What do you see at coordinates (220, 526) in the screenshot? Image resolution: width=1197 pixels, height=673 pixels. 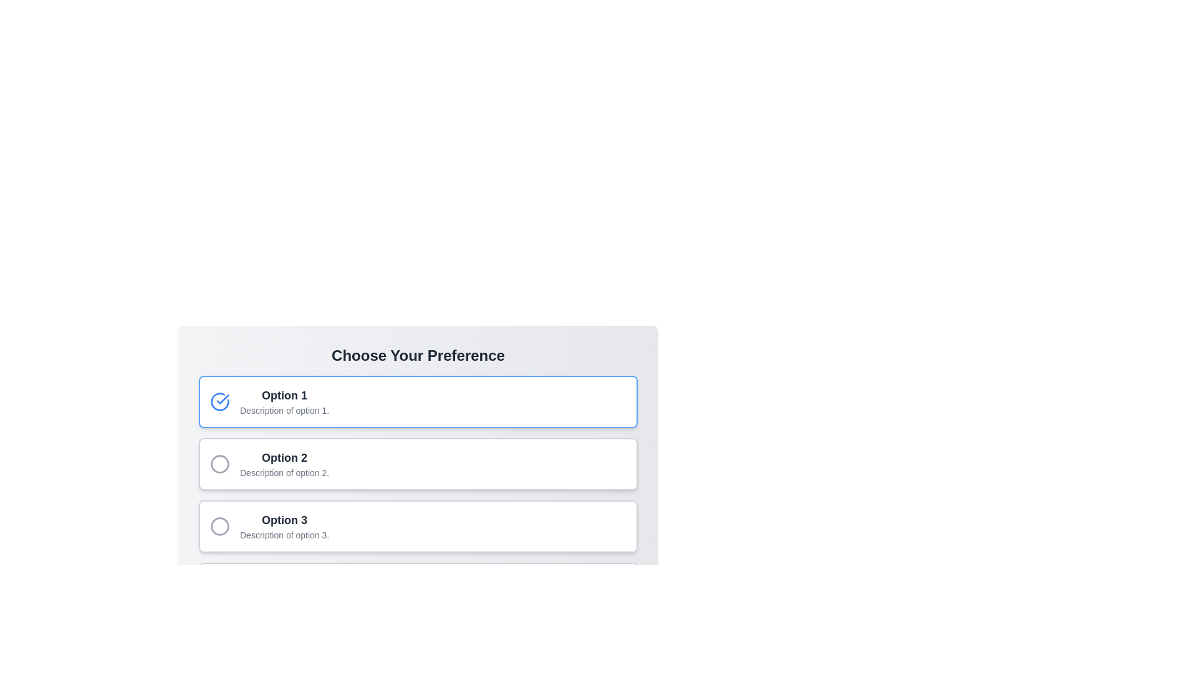 I see `the circular radio button with a gray border and white background located to the left of 'Option 3' in the third option card` at bounding box center [220, 526].